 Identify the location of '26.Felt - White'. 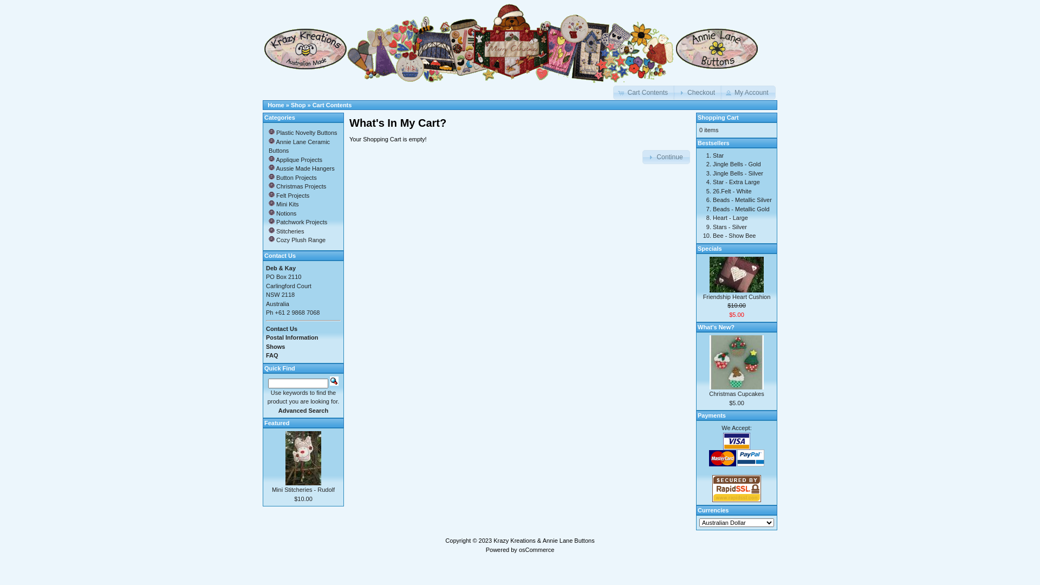
(732, 190).